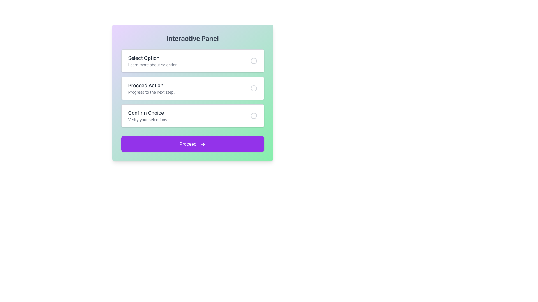  Describe the element at coordinates (153, 64) in the screenshot. I see `the static text element displaying 'Learn more about selection.' which is located directly below the bold heading 'Select Option'` at that location.